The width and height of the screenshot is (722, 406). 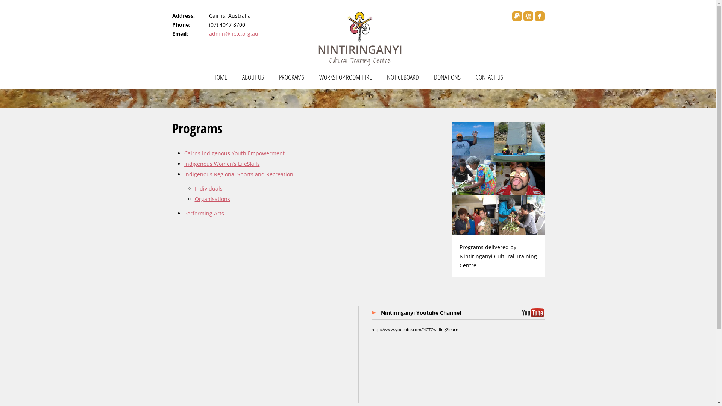 What do you see at coordinates (447, 80) in the screenshot?
I see `'DONATIONS'` at bounding box center [447, 80].